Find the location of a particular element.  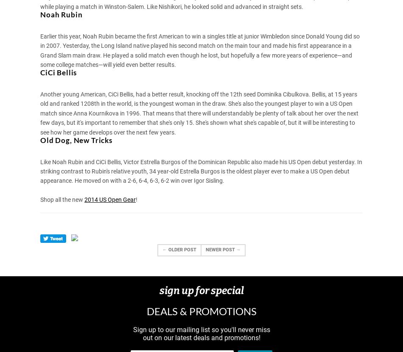

'← Older Post' is located at coordinates (179, 249).